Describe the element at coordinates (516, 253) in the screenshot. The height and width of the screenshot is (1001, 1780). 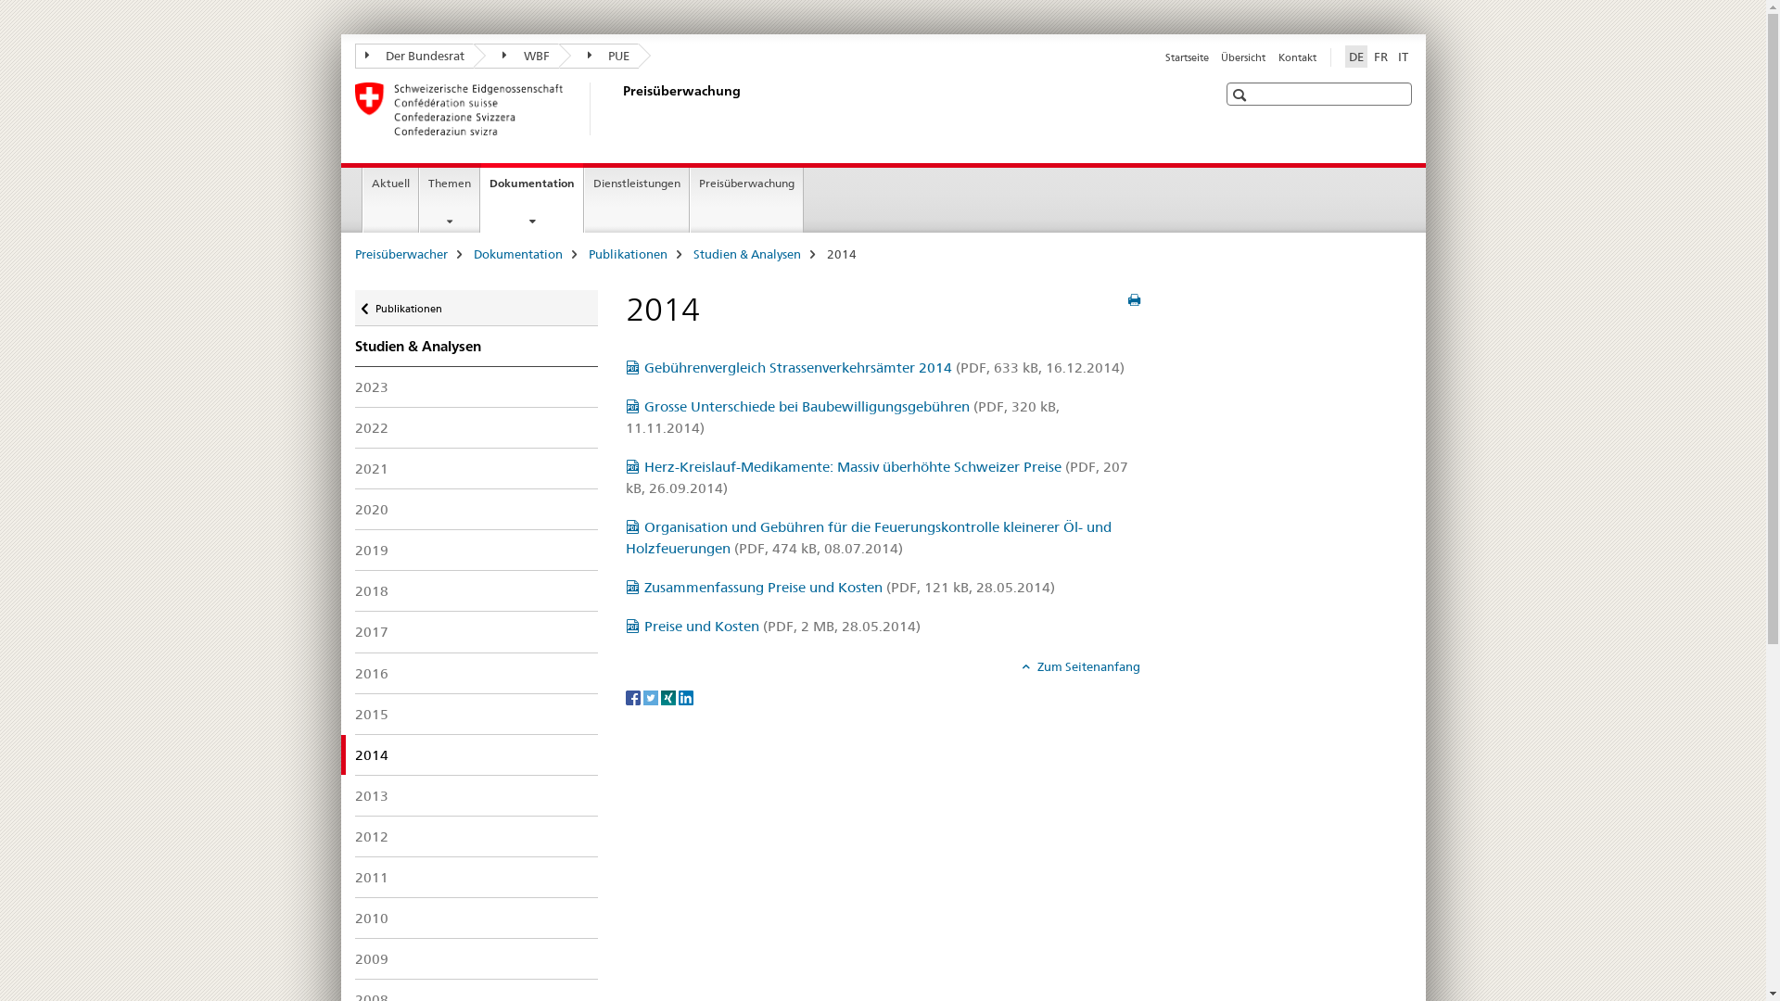
I see `'Dokumentation'` at that location.